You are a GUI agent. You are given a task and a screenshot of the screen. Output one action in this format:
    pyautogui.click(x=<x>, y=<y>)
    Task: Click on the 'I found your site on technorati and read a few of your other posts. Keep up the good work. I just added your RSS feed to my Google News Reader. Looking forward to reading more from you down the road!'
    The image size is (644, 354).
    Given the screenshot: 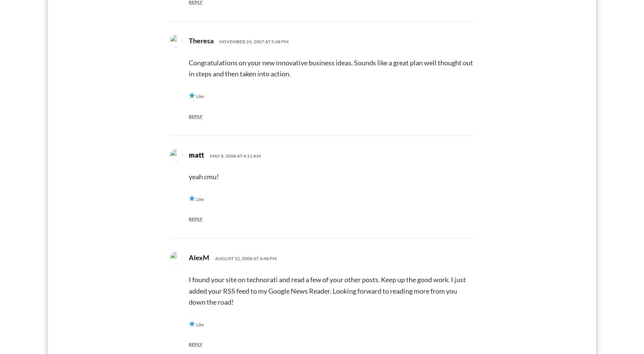 What is the action you would take?
    pyautogui.click(x=327, y=290)
    